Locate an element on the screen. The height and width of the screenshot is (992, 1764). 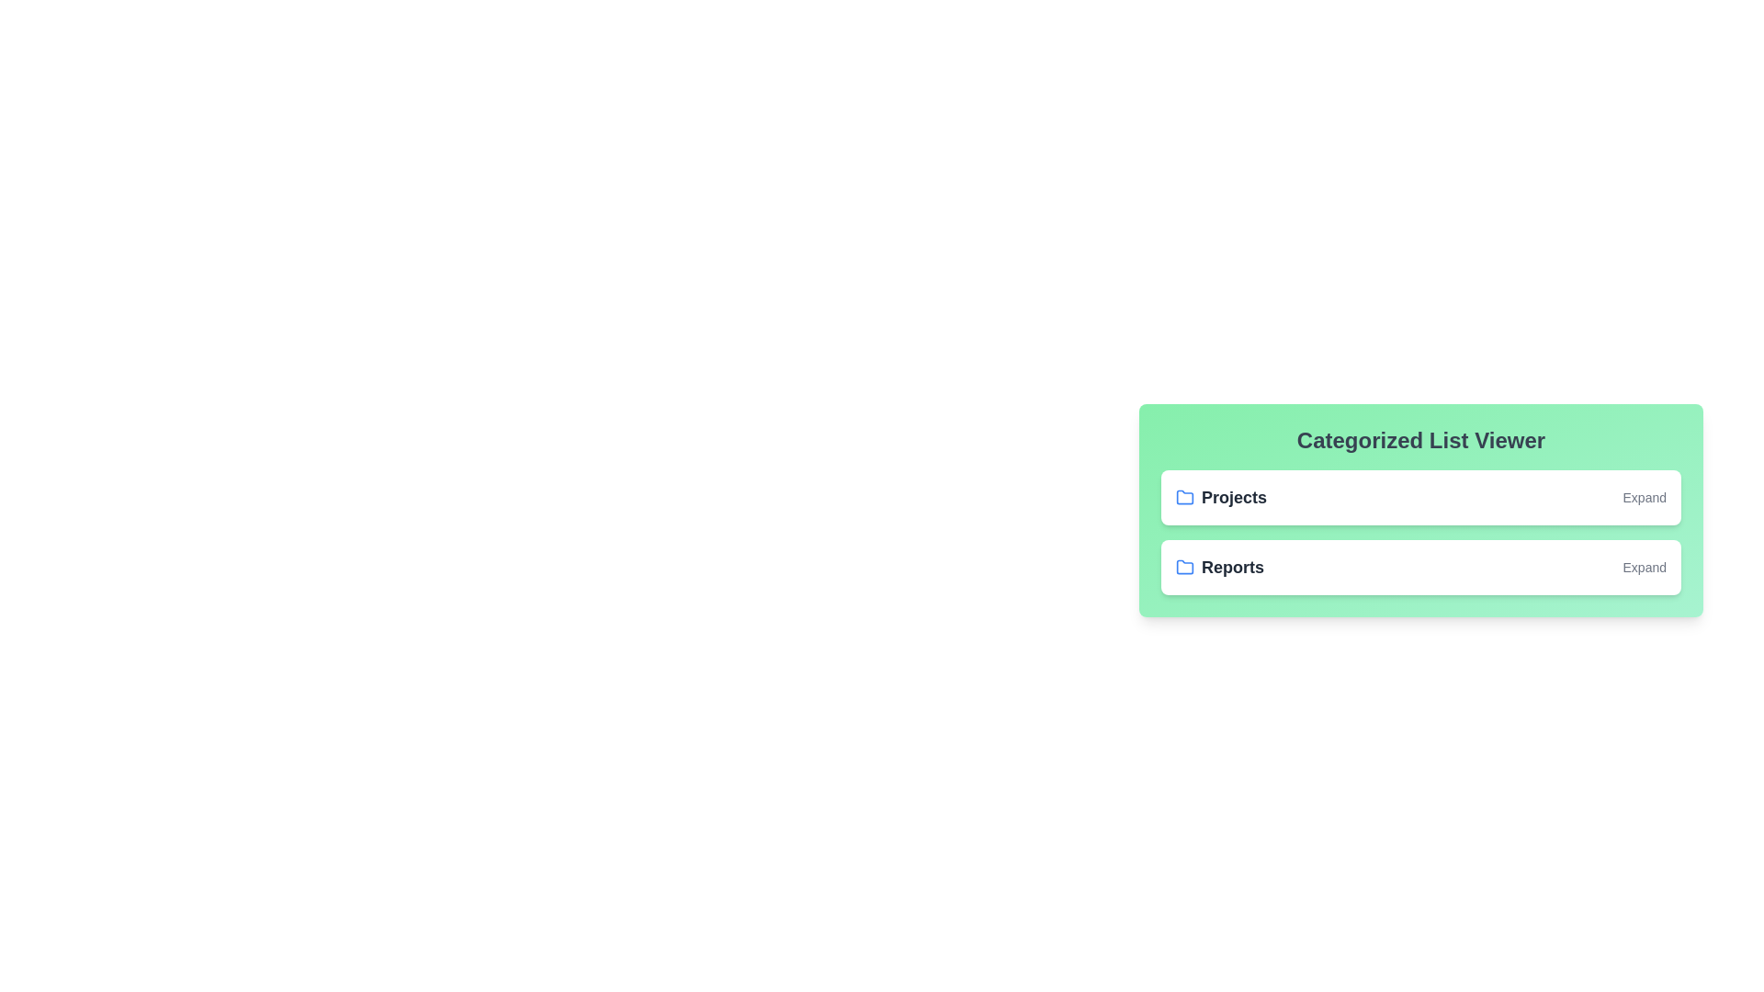
the folder icon for the category Projects is located at coordinates (1185, 498).